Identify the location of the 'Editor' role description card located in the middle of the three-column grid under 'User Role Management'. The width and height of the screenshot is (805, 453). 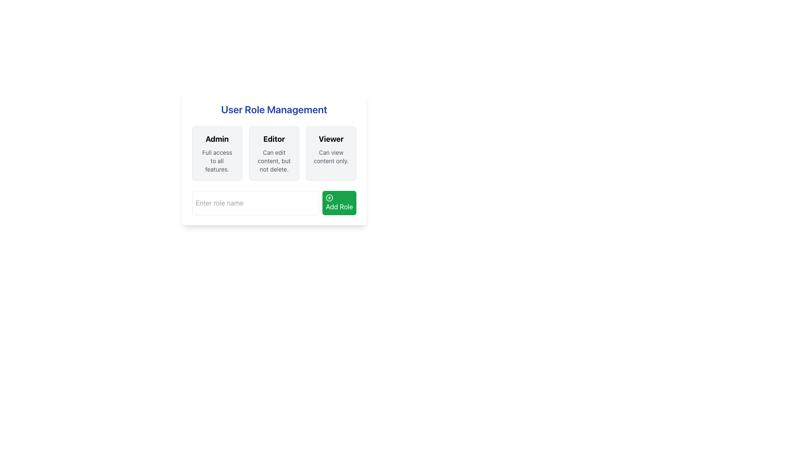
(274, 154).